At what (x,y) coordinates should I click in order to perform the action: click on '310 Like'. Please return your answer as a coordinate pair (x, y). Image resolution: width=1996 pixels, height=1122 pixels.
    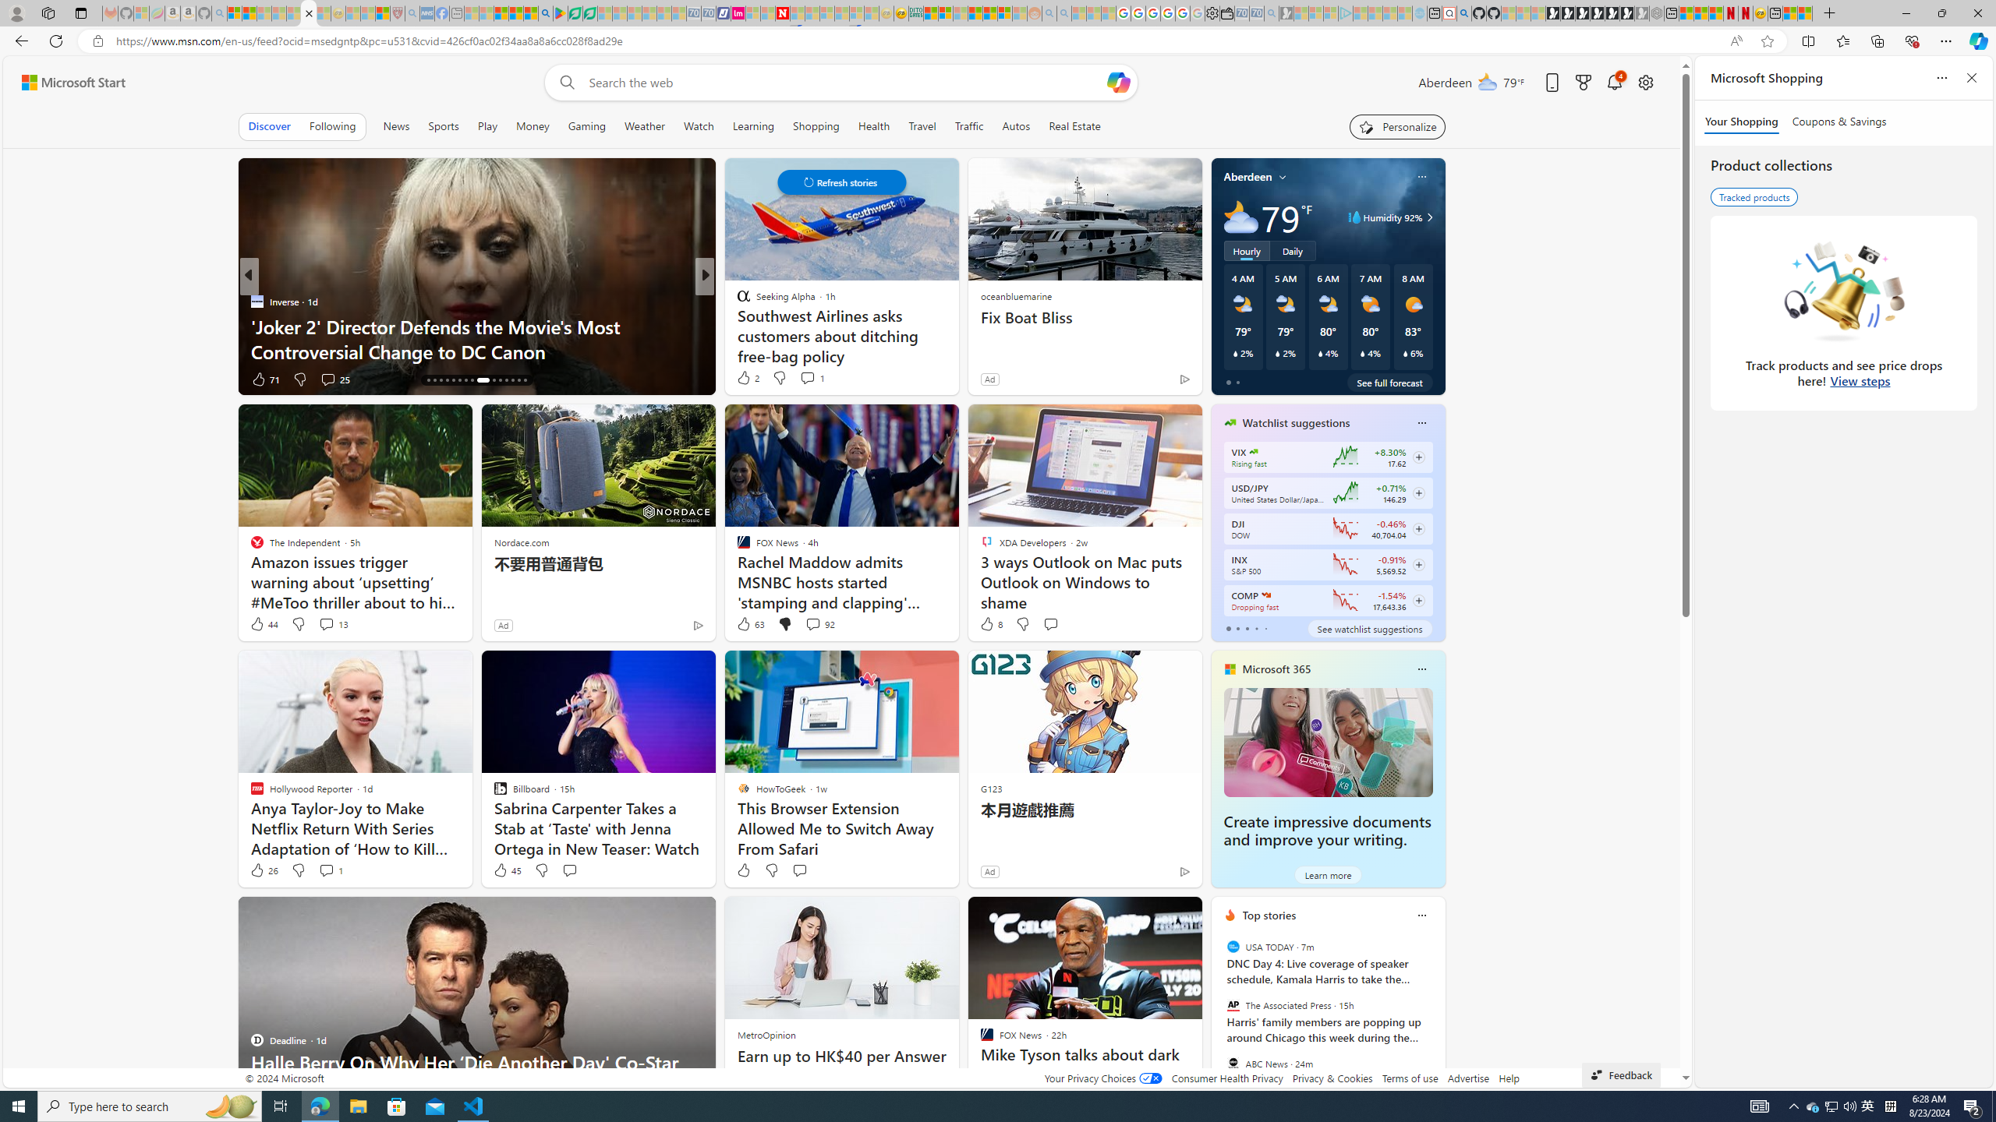
    Looking at the image, I should click on (746, 379).